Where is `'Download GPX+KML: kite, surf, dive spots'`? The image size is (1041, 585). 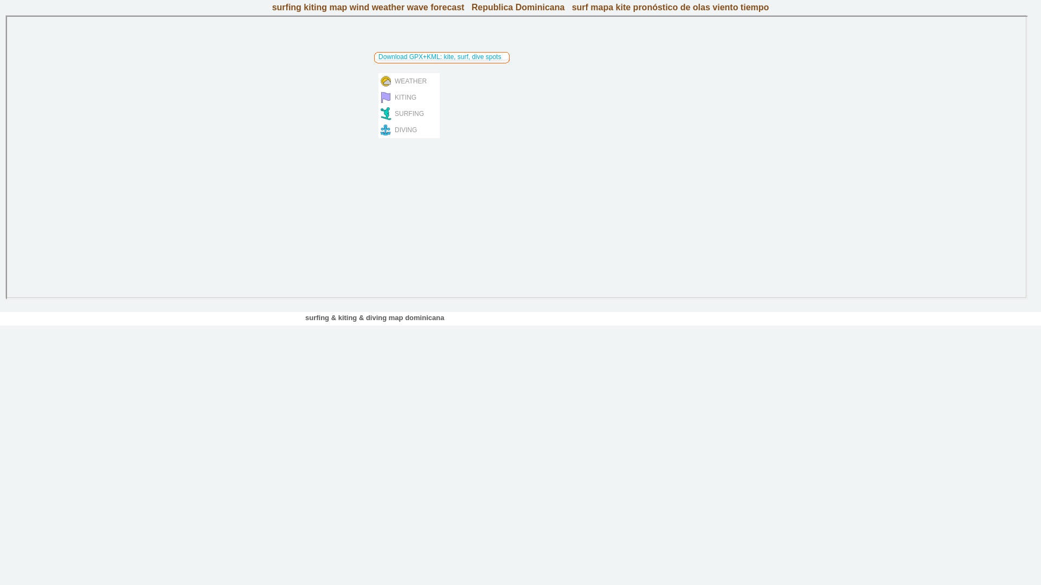
'Download GPX+KML: kite, surf, dive spots' is located at coordinates (440, 56).